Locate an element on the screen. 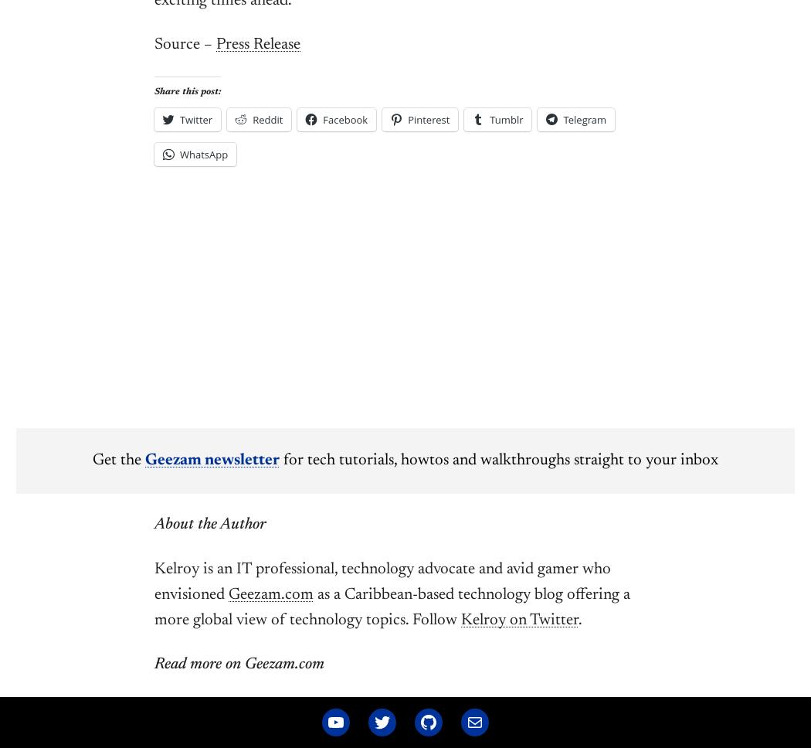 Image resolution: width=811 pixels, height=748 pixels. 'Kelroy is an IT professional, technology advocate and avid gamer who envisioned' is located at coordinates (154, 582).